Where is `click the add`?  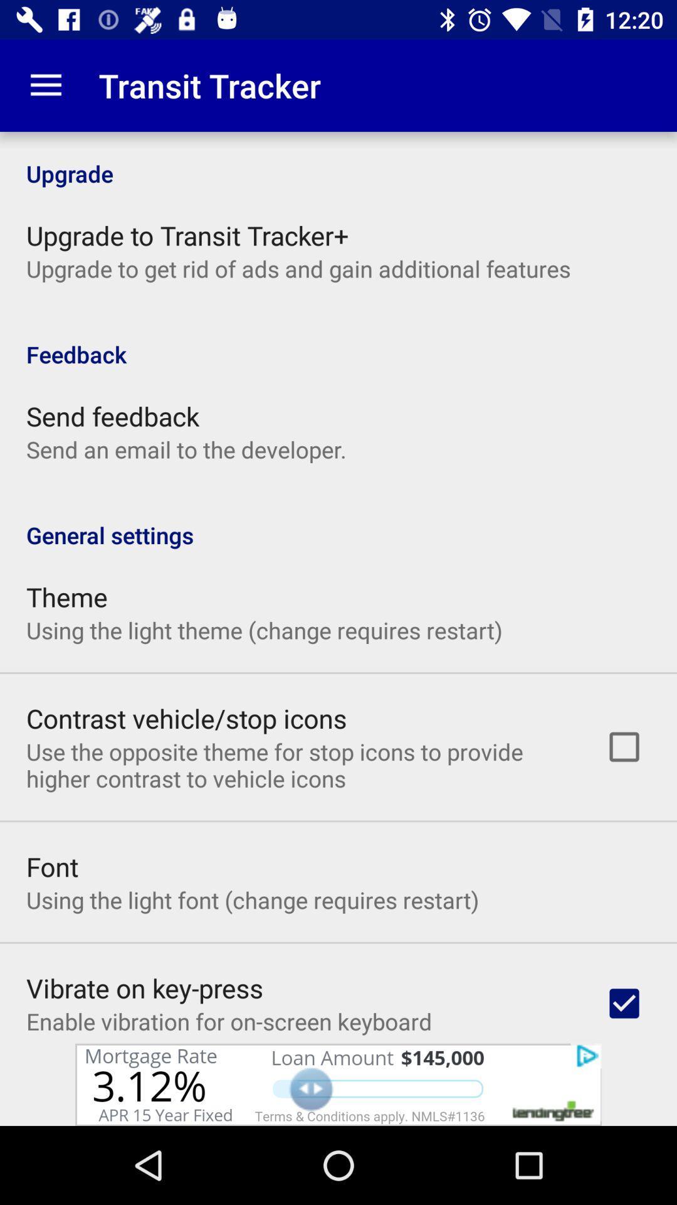 click the add is located at coordinates (338, 1084).